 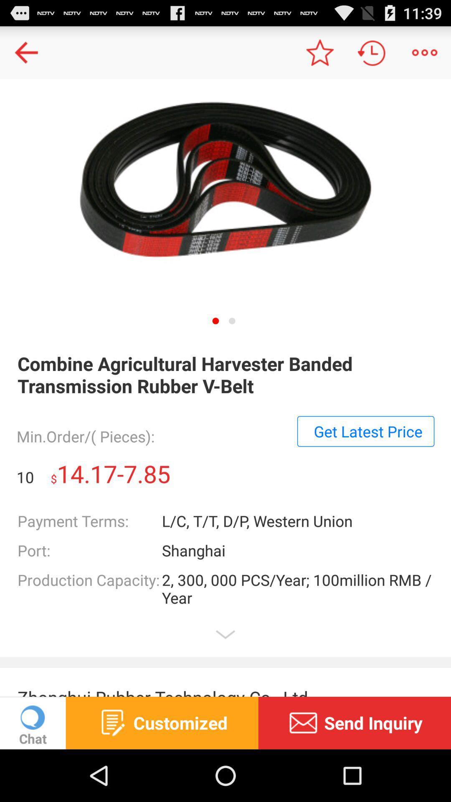 What do you see at coordinates (319, 56) in the screenshot?
I see `the star icon` at bounding box center [319, 56].